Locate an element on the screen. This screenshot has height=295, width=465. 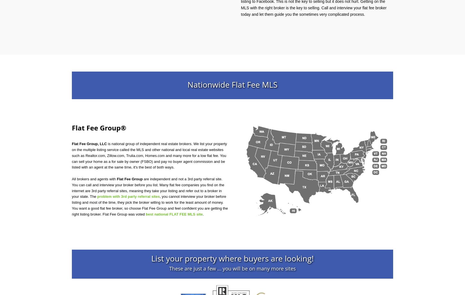
'Nationwide Flat Fee MLS' is located at coordinates (232, 84).